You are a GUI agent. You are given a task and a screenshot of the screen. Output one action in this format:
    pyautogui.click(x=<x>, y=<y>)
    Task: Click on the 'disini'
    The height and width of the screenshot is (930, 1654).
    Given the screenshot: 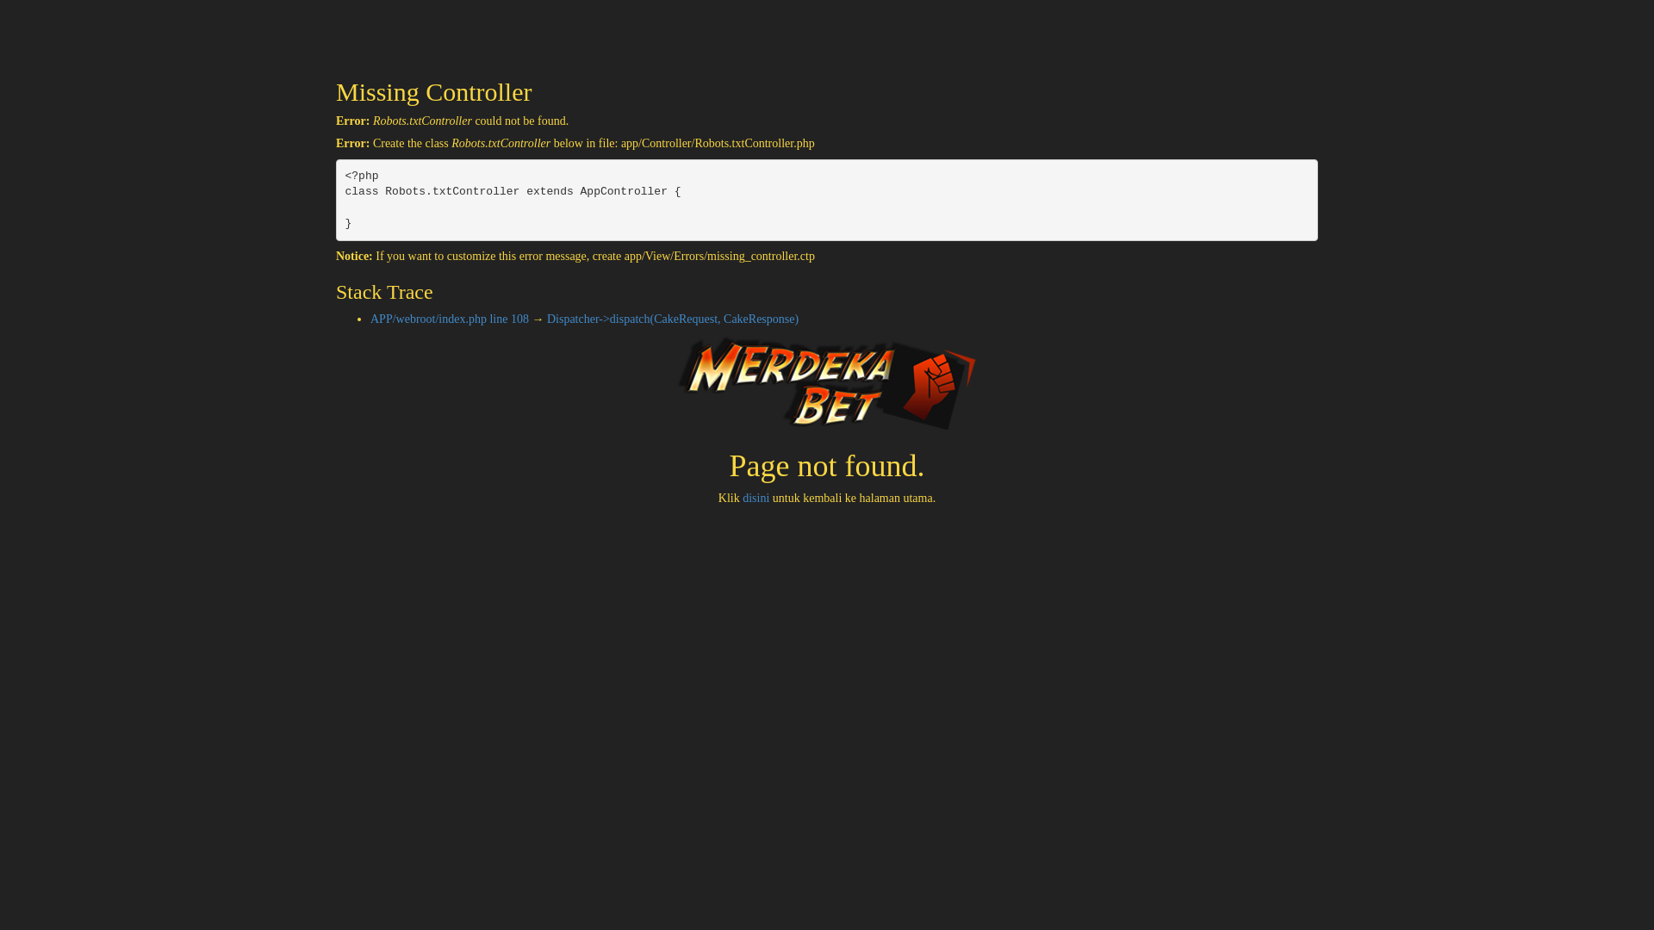 What is the action you would take?
    pyautogui.click(x=755, y=498)
    